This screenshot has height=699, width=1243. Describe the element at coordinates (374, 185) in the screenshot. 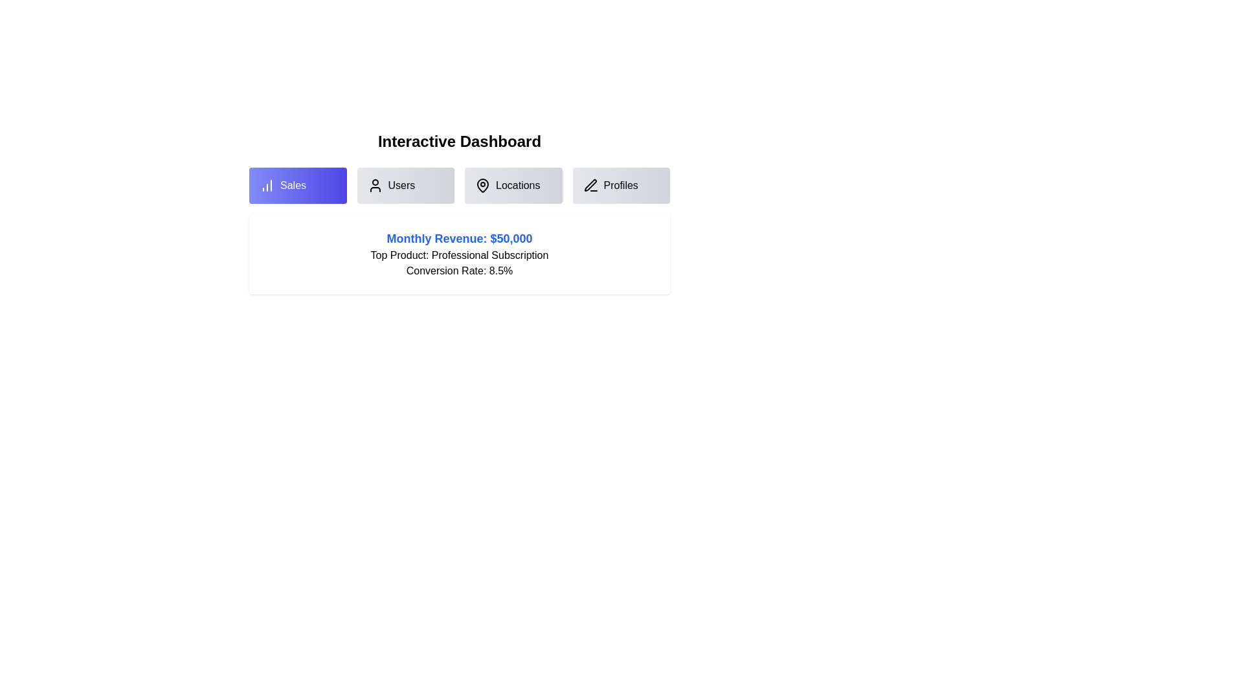

I see `the user silhouette icon located on the left side of the 'Users' button, which is the second button in a row of buttons under the header 'Interactive Dashboard'` at that location.